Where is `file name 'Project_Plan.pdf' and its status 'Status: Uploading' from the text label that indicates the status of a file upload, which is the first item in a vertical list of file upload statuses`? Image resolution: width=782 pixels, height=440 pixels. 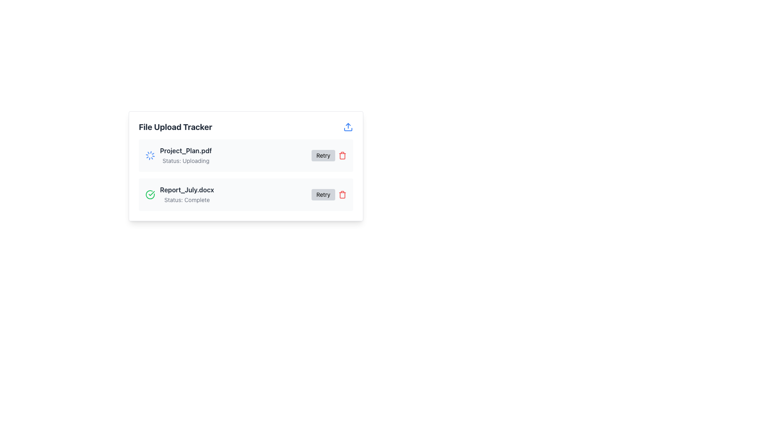
file name 'Project_Plan.pdf' and its status 'Status: Uploading' from the text label that indicates the status of a file upload, which is the first item in a vertical list of file upload statuses is located at coordinates (185, 155).